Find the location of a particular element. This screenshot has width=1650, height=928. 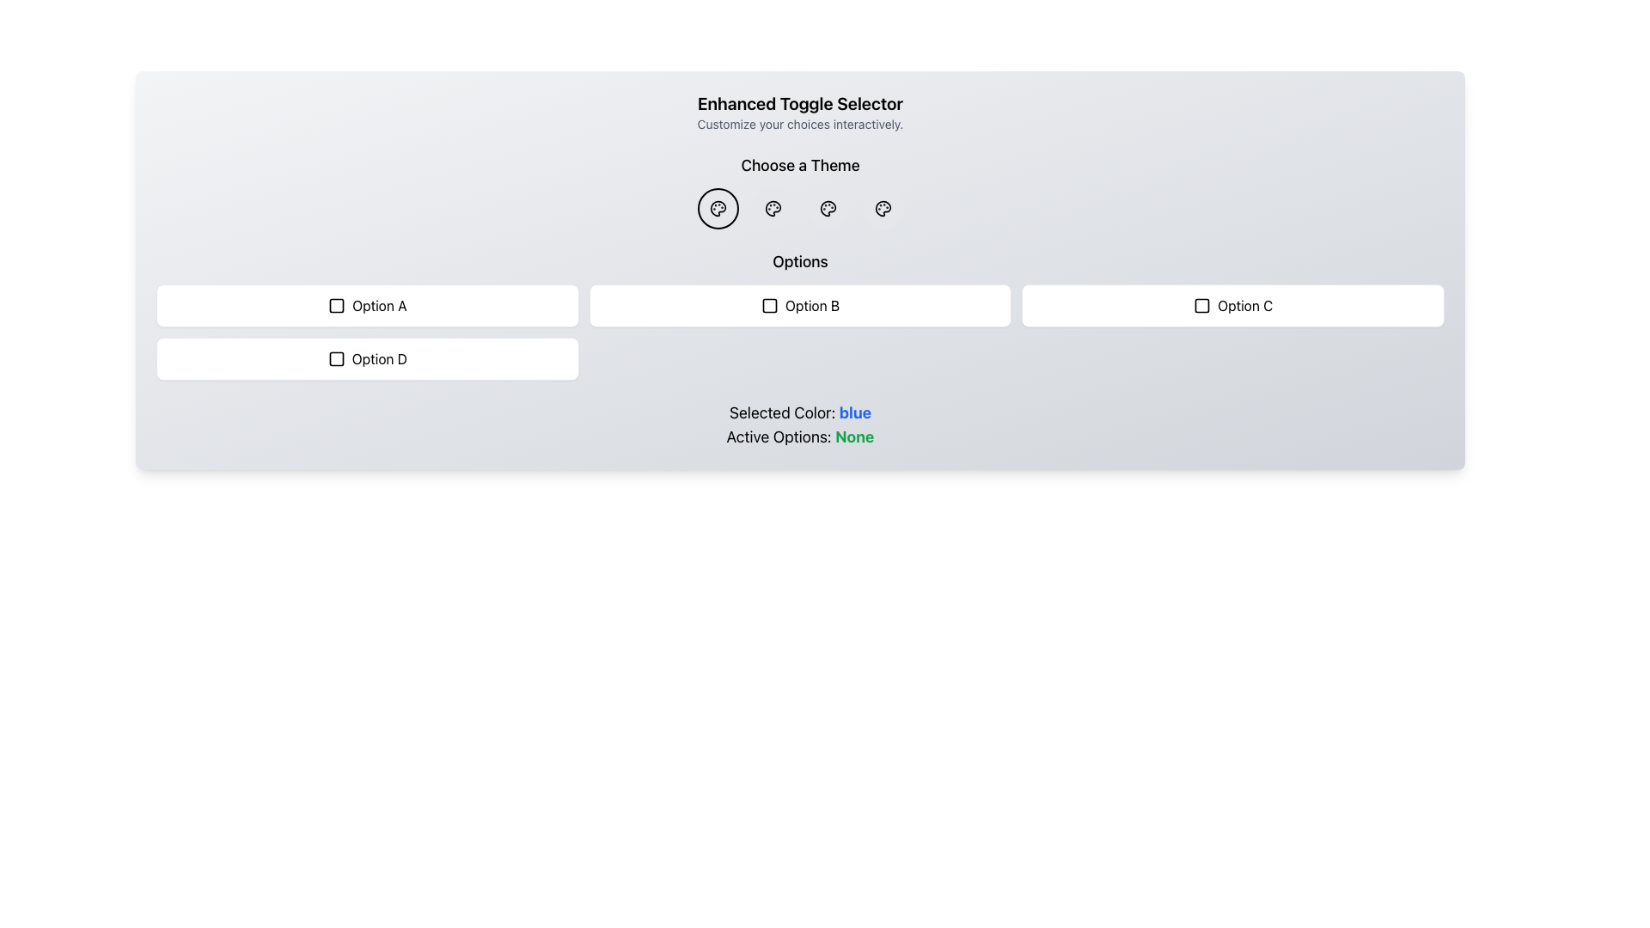

the painter's palette icon, which is the fourth icon under 'Choose a Theme' is located at coordinates (883, 208).